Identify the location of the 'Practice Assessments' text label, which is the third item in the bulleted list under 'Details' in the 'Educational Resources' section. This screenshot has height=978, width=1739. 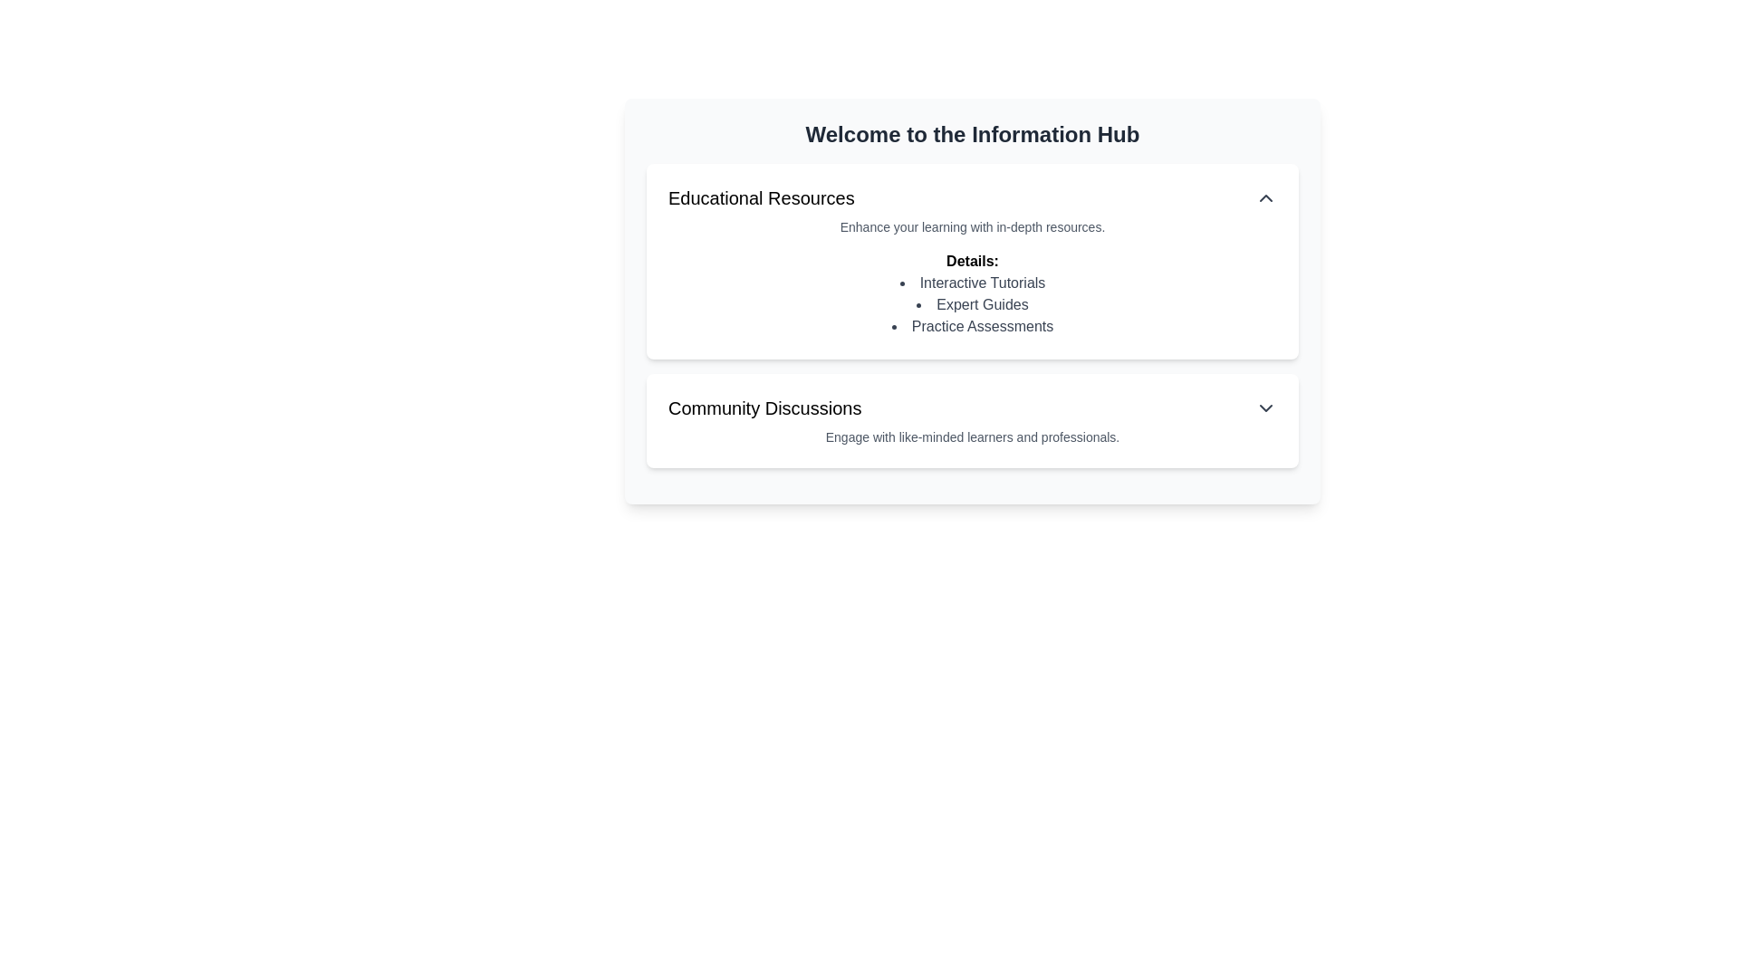
(972, 327).